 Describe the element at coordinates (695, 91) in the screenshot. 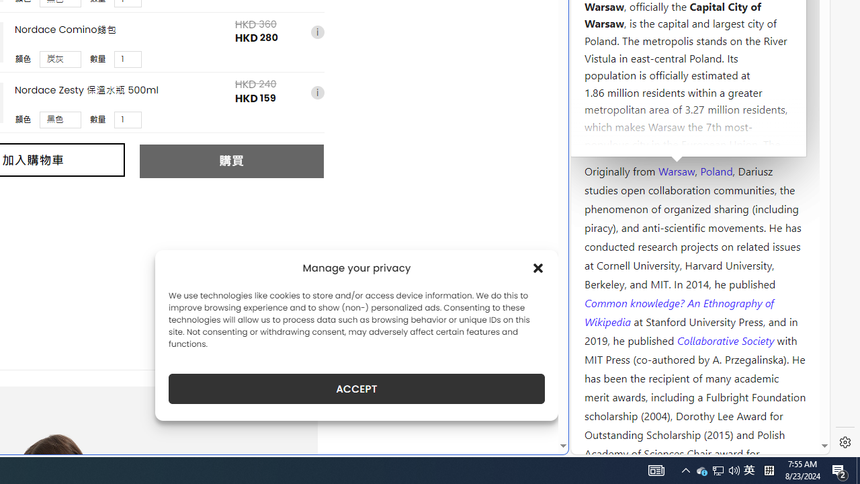

I see `'Kozminski University'` at that location.